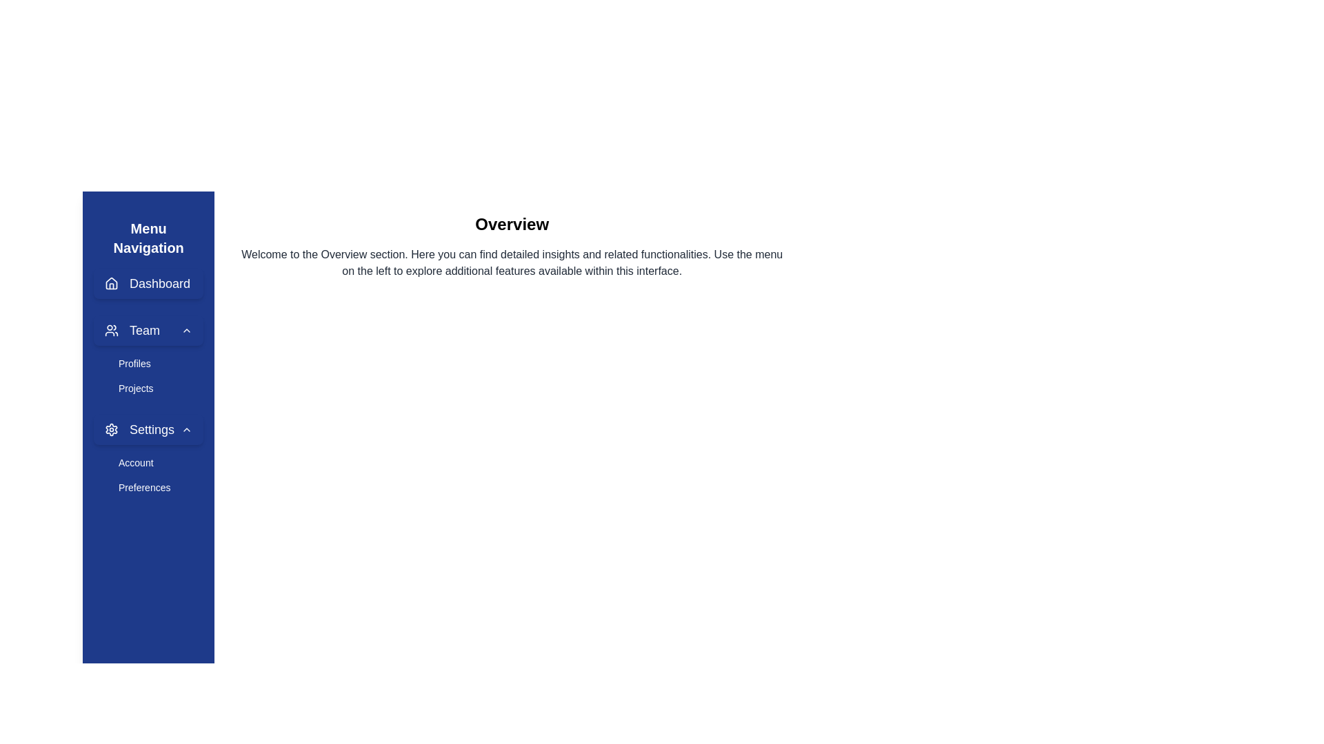 This screenshot has height=744, width=1324. What do you see at coordinates (112, 429) in the screenshot?
I see `the gear icon which serves as a visual cue for the settings-related menu item located in the left navigation panel, immediately to the left of the 'Settings' label` at bounding box center [112, 429].